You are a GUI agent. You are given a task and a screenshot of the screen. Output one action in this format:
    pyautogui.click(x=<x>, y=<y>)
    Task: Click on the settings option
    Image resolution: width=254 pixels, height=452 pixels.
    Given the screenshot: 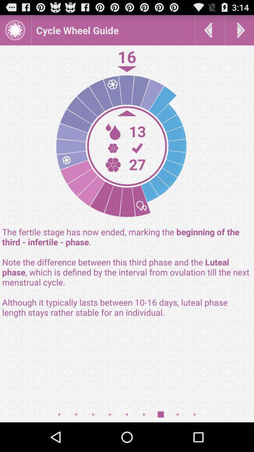 What is the action you would take?
    pyautogui.click(x=15, y=30)
    